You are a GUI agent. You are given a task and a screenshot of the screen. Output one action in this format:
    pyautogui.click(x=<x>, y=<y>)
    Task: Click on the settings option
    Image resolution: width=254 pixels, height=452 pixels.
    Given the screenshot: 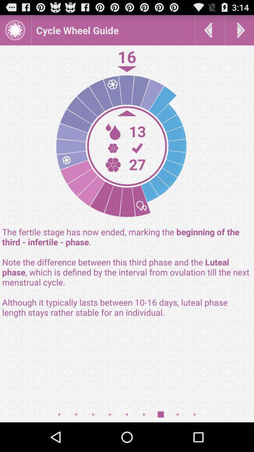 What is the action you would take?
    pyautogui.click(x=15, y=30)
    